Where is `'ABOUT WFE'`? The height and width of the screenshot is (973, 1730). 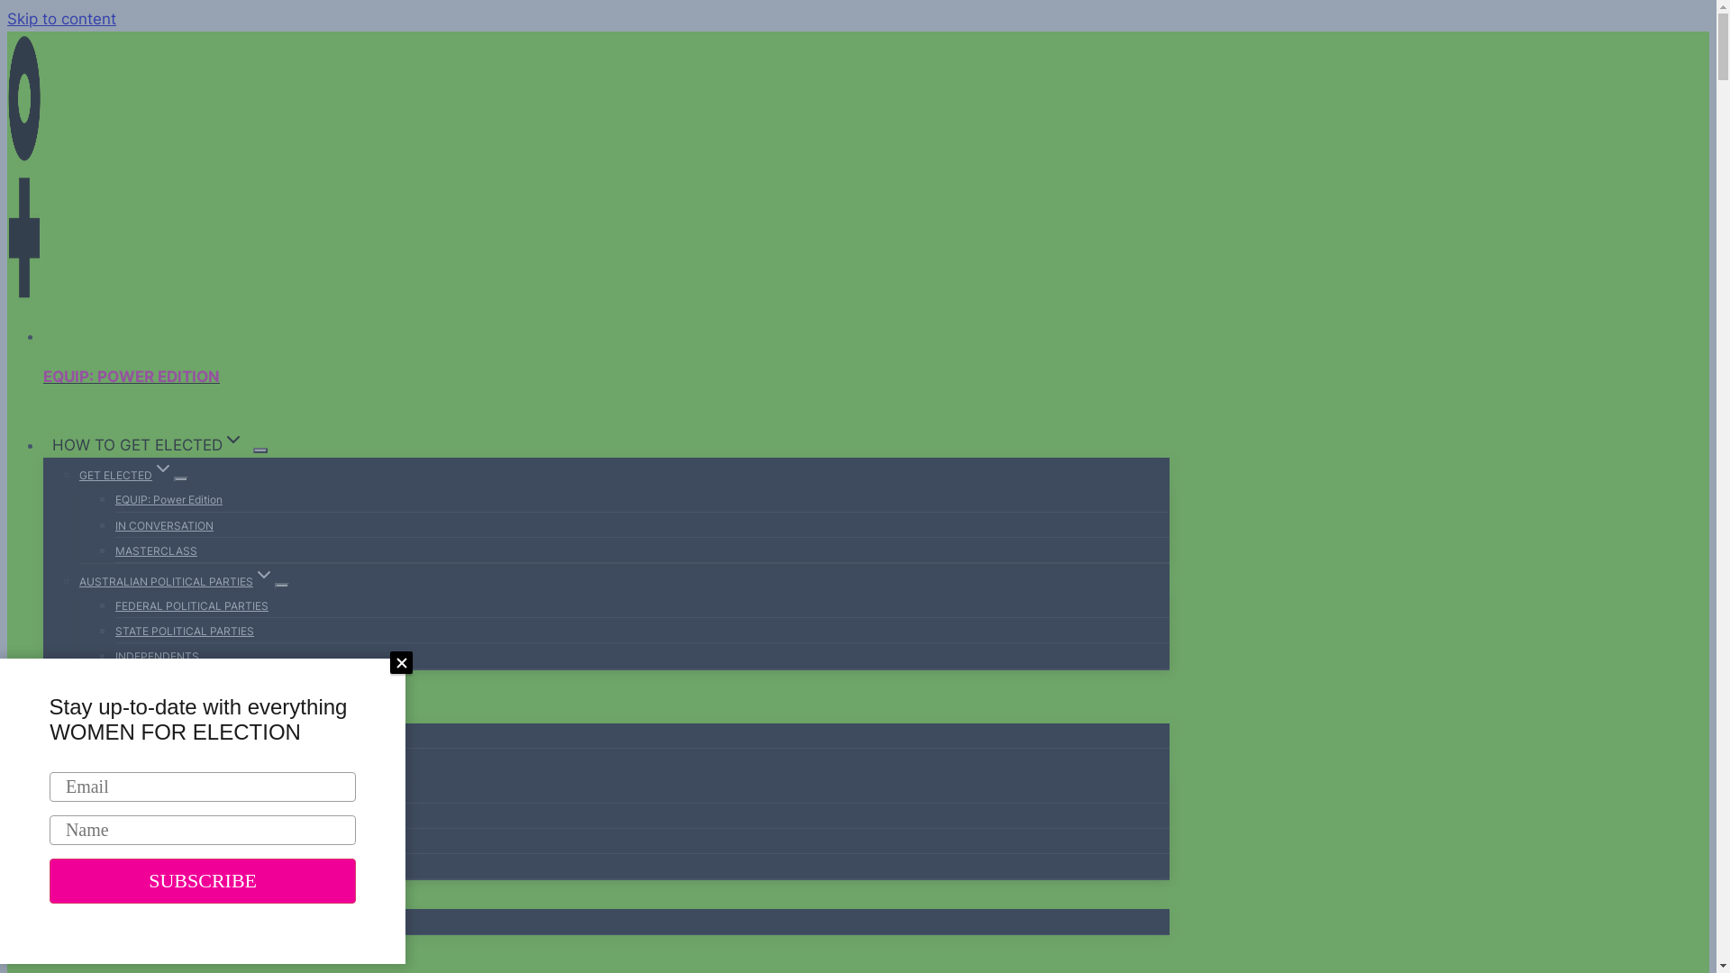
'ABOUT WFE' is located at coordinates (110, 736).